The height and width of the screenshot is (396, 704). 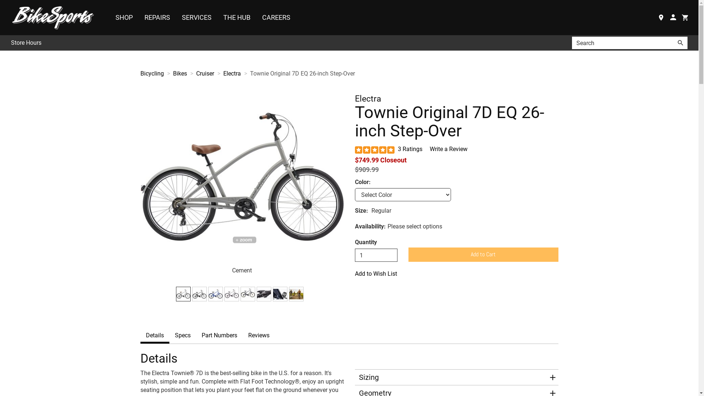 I want to click on 'Part Numbers', so click(x=219, y=335).